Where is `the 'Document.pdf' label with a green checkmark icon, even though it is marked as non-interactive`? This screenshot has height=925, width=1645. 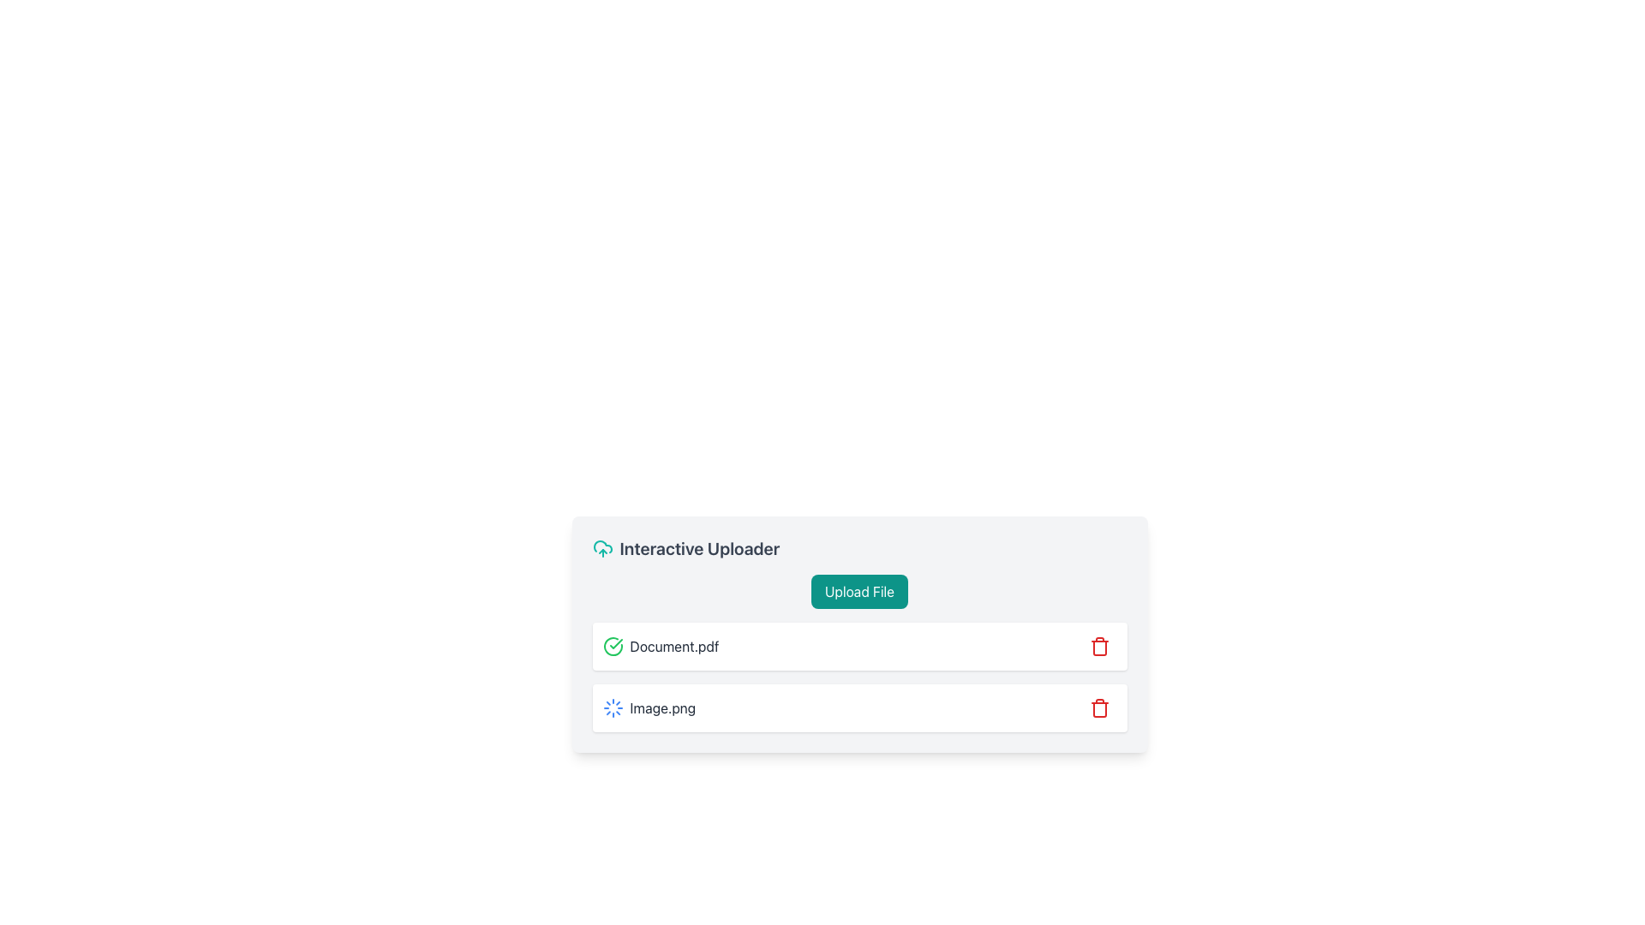
the 'Document.pdf' label with a green checkmark icon, even though it is marked as non-interactive is located at coordinates (660, 647).